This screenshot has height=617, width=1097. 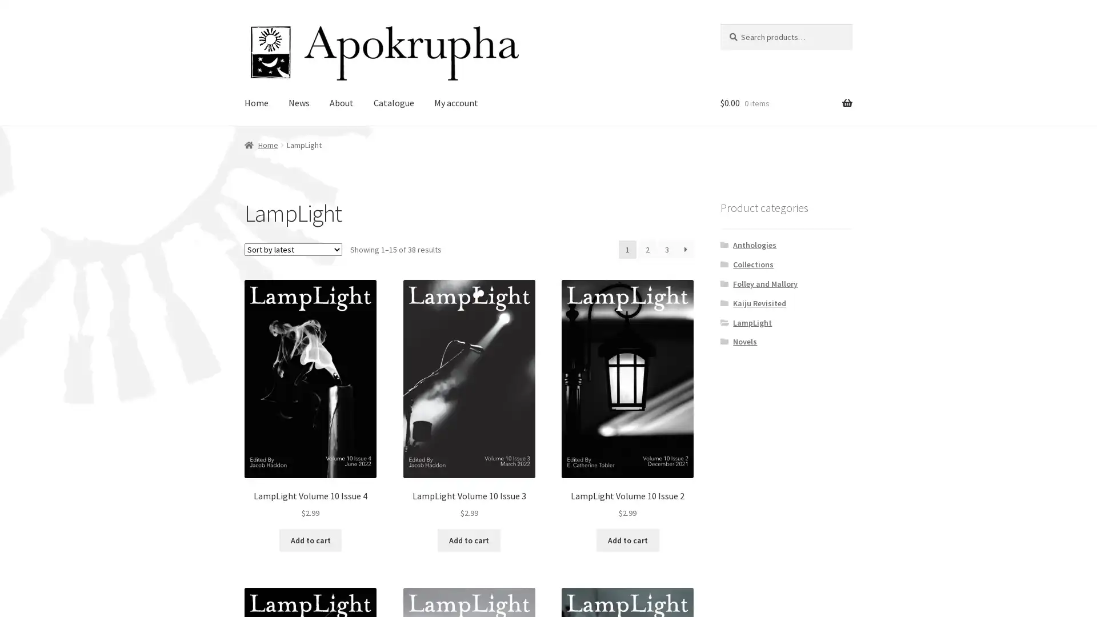 What do you see at coordinates (719, 23) in the screenshot?
I see `Search` at bounding box center [719, 23].